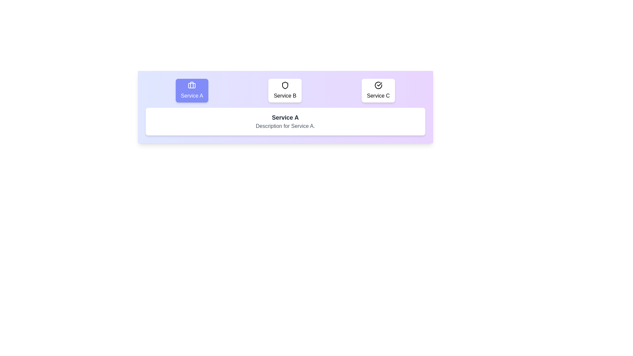 This screenshot has width=633, height=356. Describe the element at coordinates (378, 85) in the screenshot. I see `the circular icon with a check mark at its center, positioned above the text 'Service C.'` at that location.